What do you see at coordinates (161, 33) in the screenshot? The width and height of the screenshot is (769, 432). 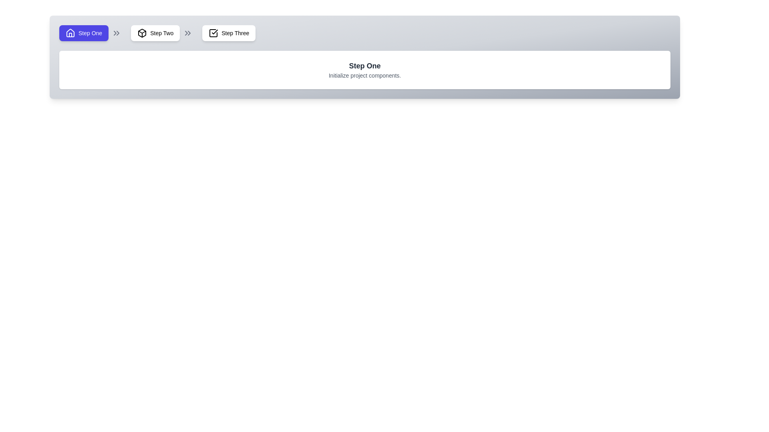 I see `the 'Step Two' text label, which is part of the second step indicator in a button-like interface` at bounding box center [161, 33].